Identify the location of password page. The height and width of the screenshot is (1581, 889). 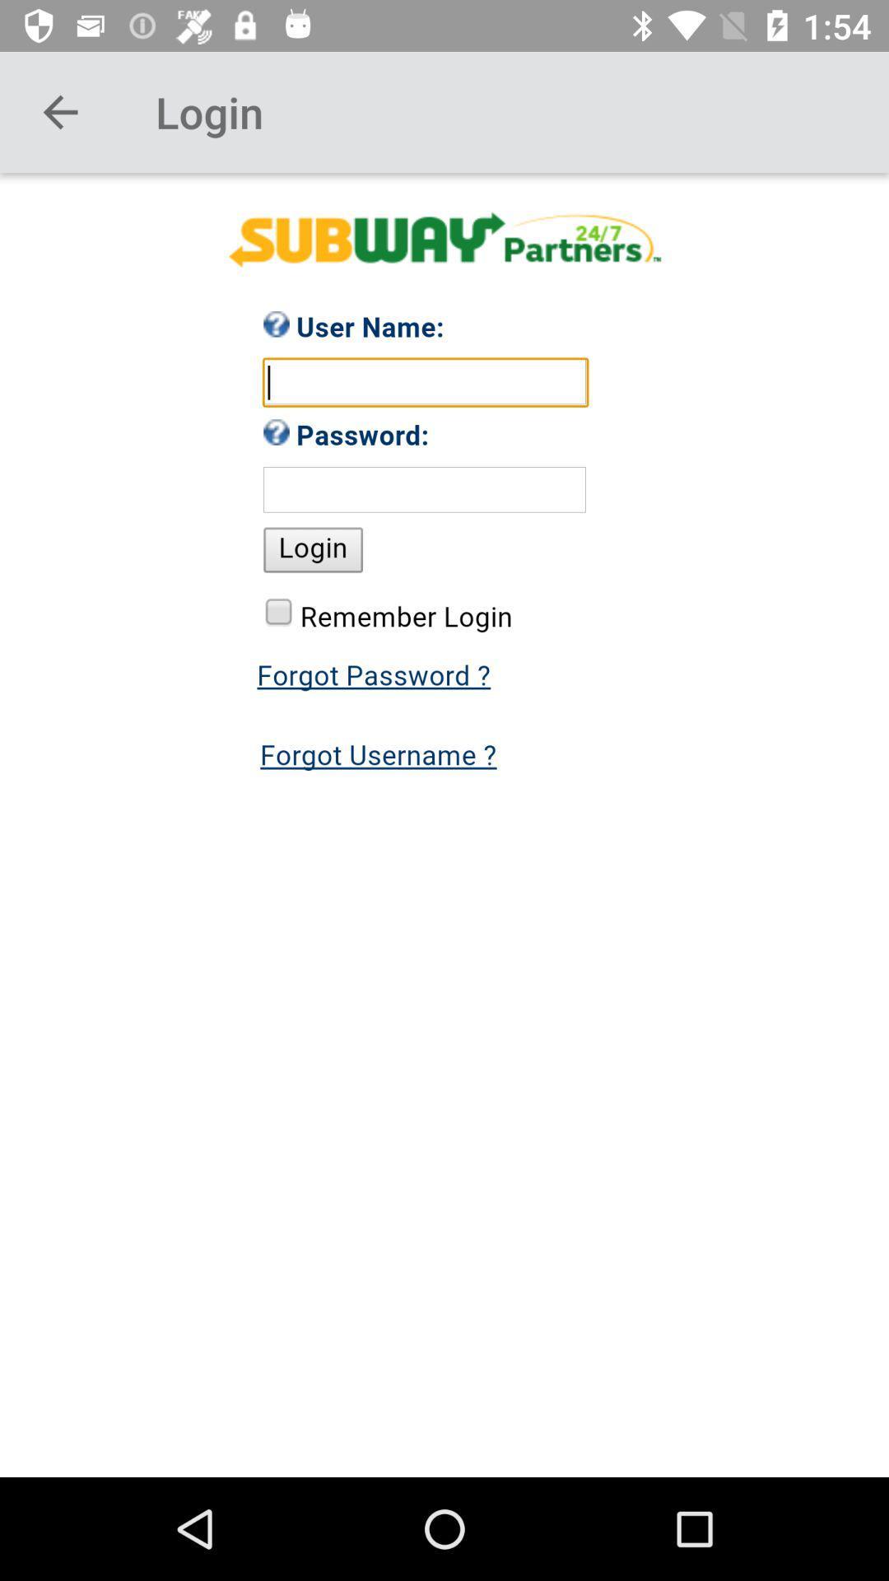
(444, 825).